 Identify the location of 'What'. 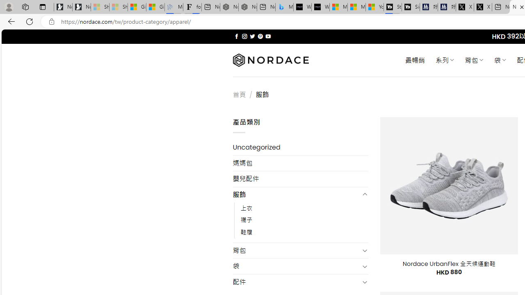
(320, 7).